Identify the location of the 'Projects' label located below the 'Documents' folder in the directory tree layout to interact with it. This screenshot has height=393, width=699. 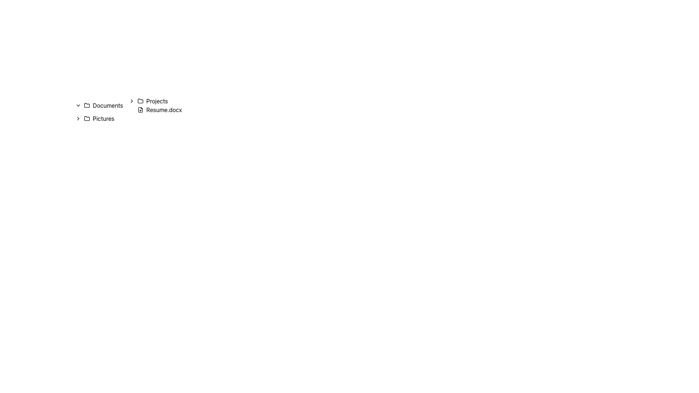
(152, 101).